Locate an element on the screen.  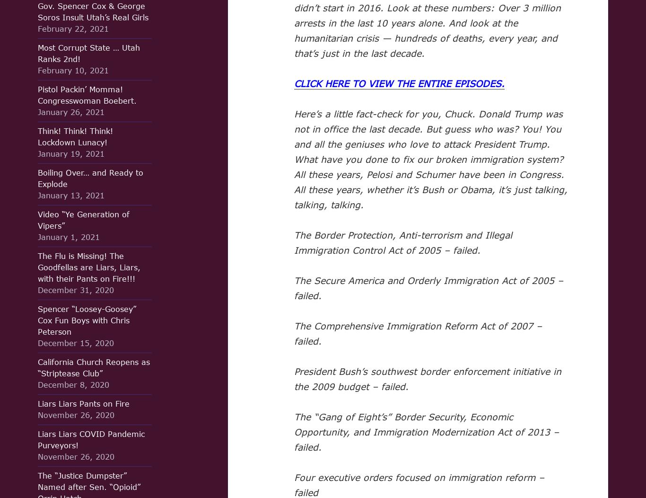
'February 10, 2021' is located at coordinates (73, 70).